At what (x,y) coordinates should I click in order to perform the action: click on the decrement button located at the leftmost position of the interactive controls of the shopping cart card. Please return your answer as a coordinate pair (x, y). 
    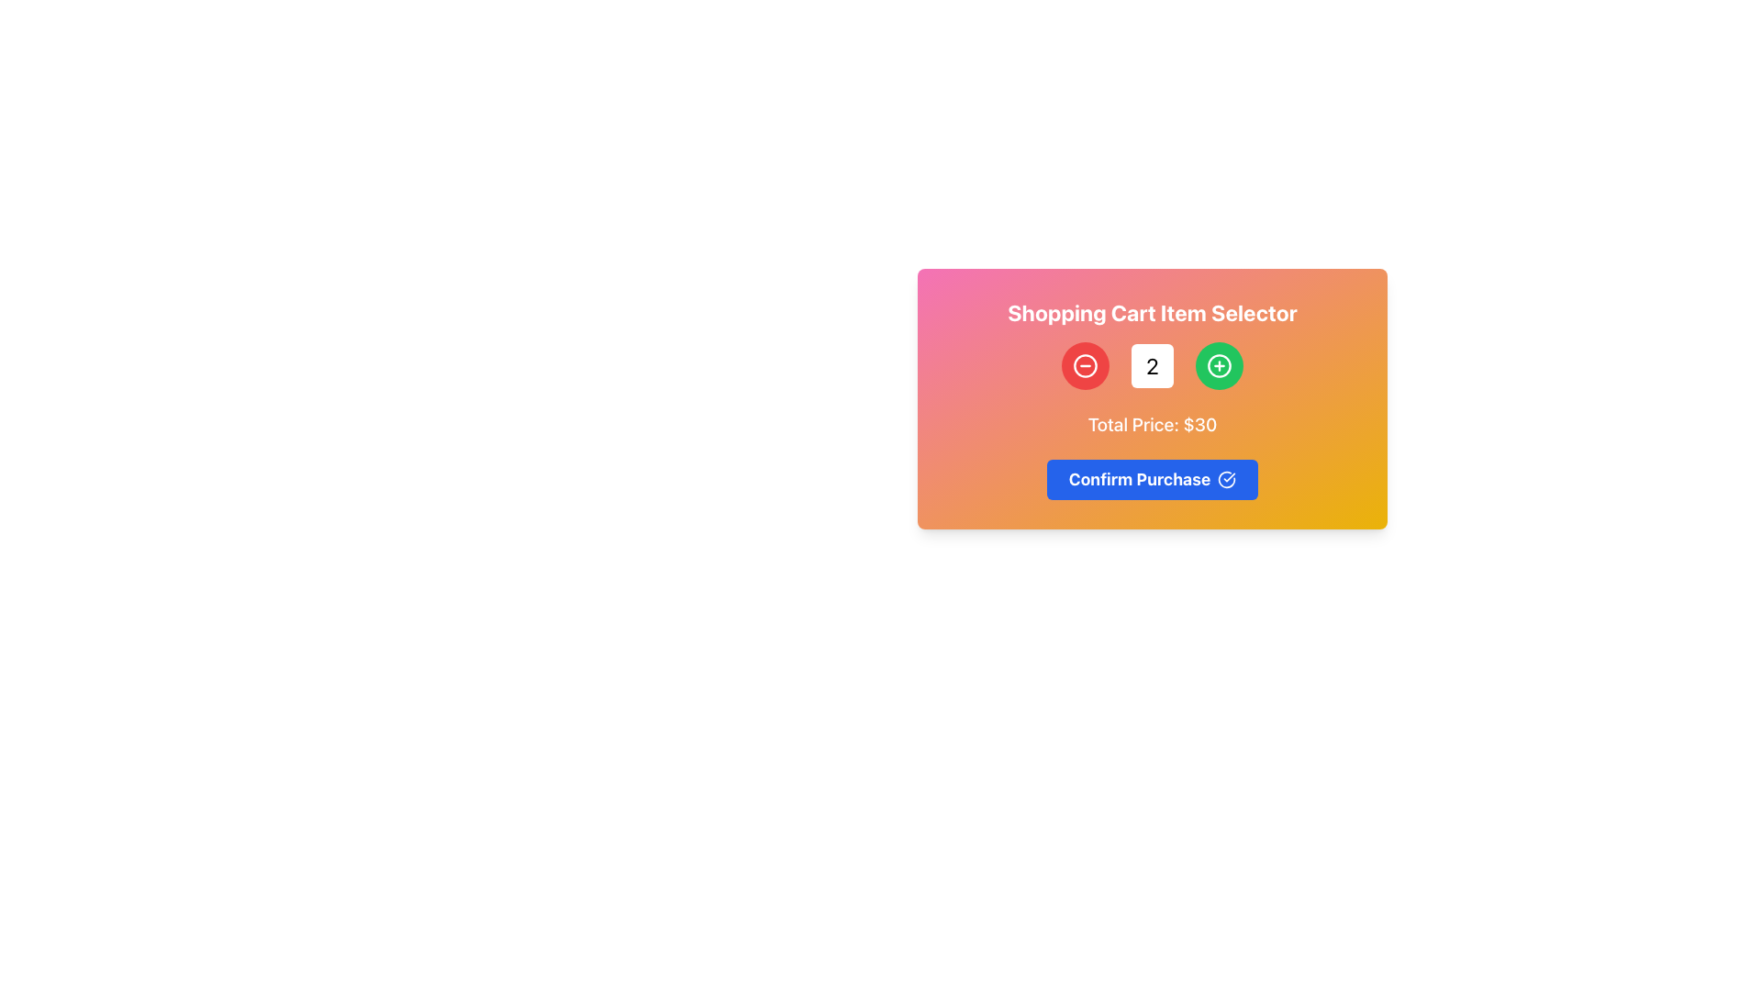
    Looking at the image, I should click on (1086, 365).